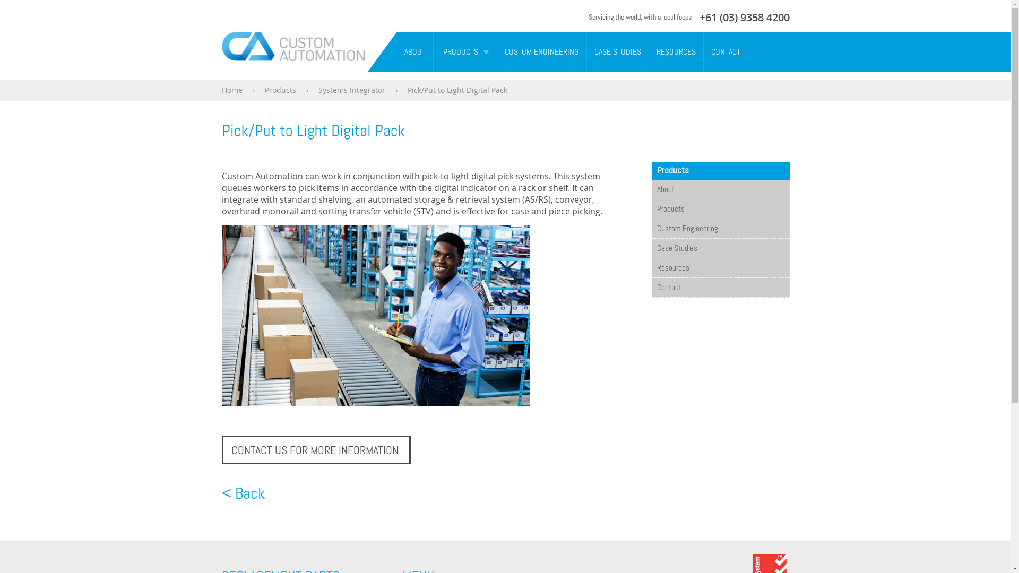  I want to click on 'CUSTOM ENGINEERING', so click(496, 51).